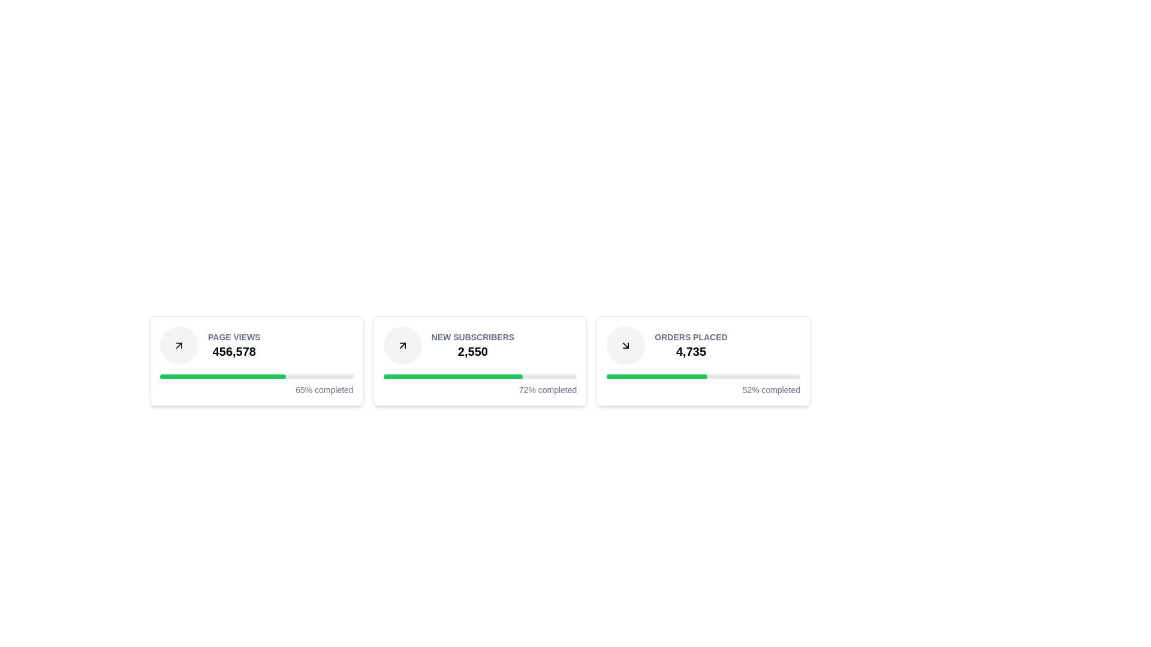 The height and width of the screenshot is (647, 1151). Describe the element at coordinates (256, 360) in the screenshot. I see `displayed information from the Information panel that shows the current count of page views and the progress indicator at 65% completion` at that location.